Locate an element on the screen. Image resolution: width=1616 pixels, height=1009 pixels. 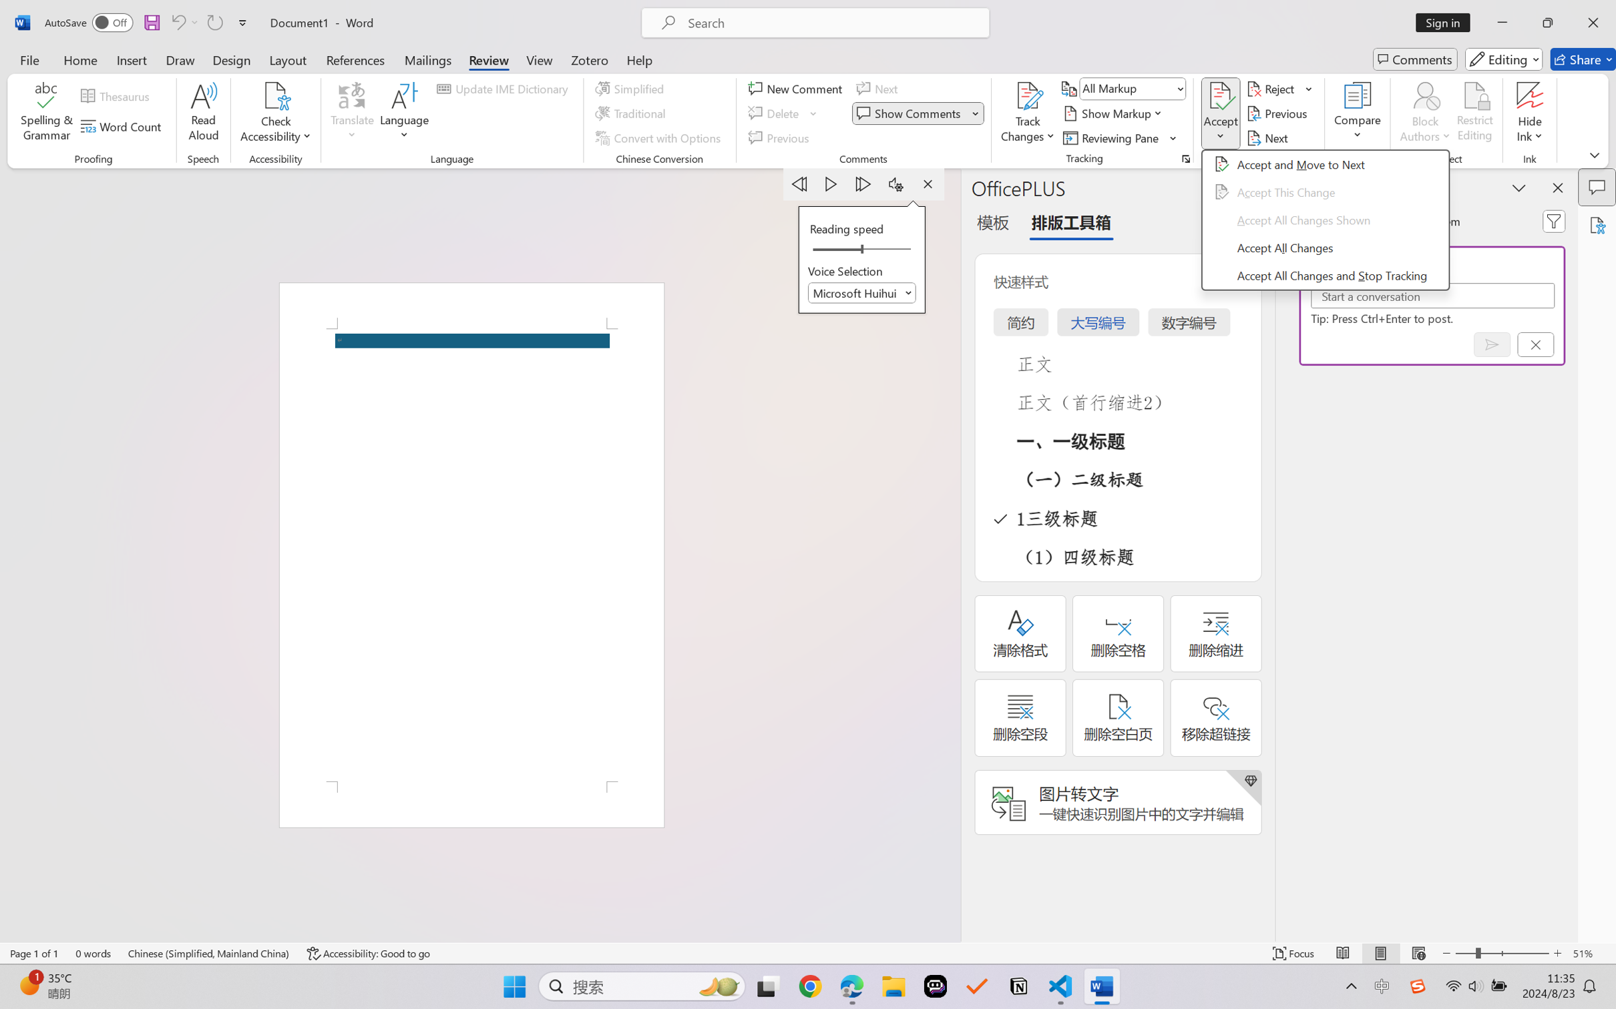
'Restrict Editing' is located at coordinates (1474, 113).